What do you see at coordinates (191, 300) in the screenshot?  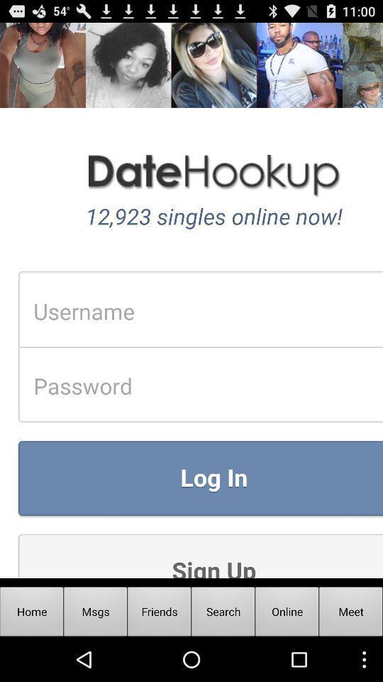 I see `description` at bounding box center [191, 300].